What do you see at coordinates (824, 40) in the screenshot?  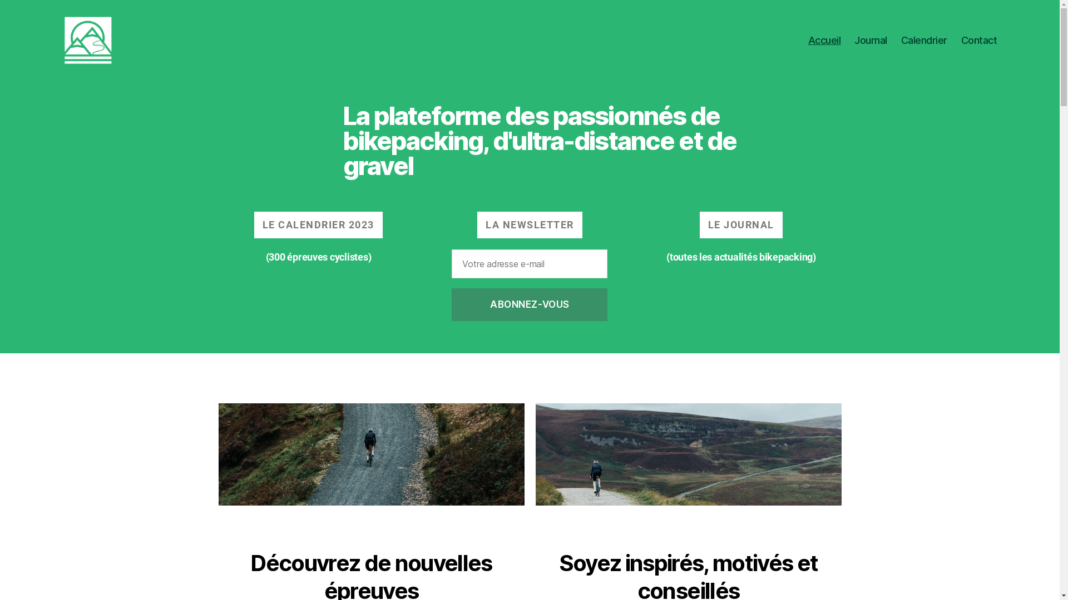 I see `'Accueil'` at bounding box center [824, 40].